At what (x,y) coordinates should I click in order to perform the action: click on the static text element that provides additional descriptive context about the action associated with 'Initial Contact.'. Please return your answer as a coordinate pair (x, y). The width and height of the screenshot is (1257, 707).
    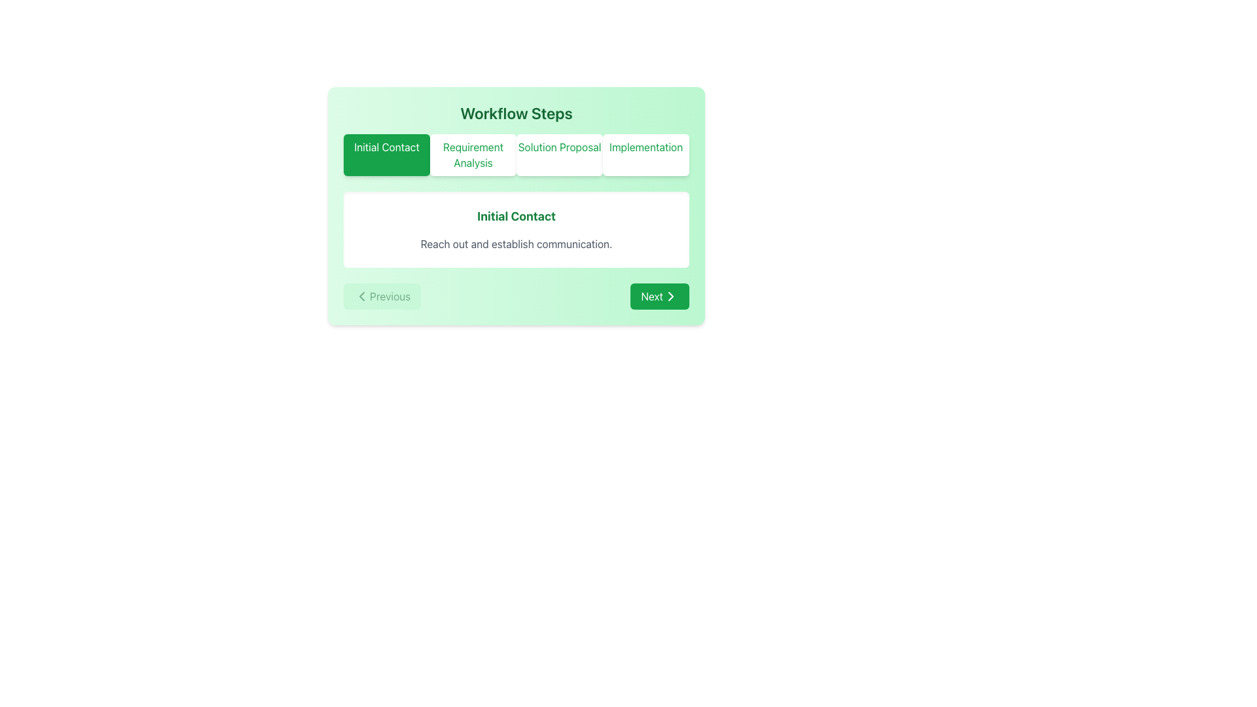
    Looking at the image, I should click on (515, 244).